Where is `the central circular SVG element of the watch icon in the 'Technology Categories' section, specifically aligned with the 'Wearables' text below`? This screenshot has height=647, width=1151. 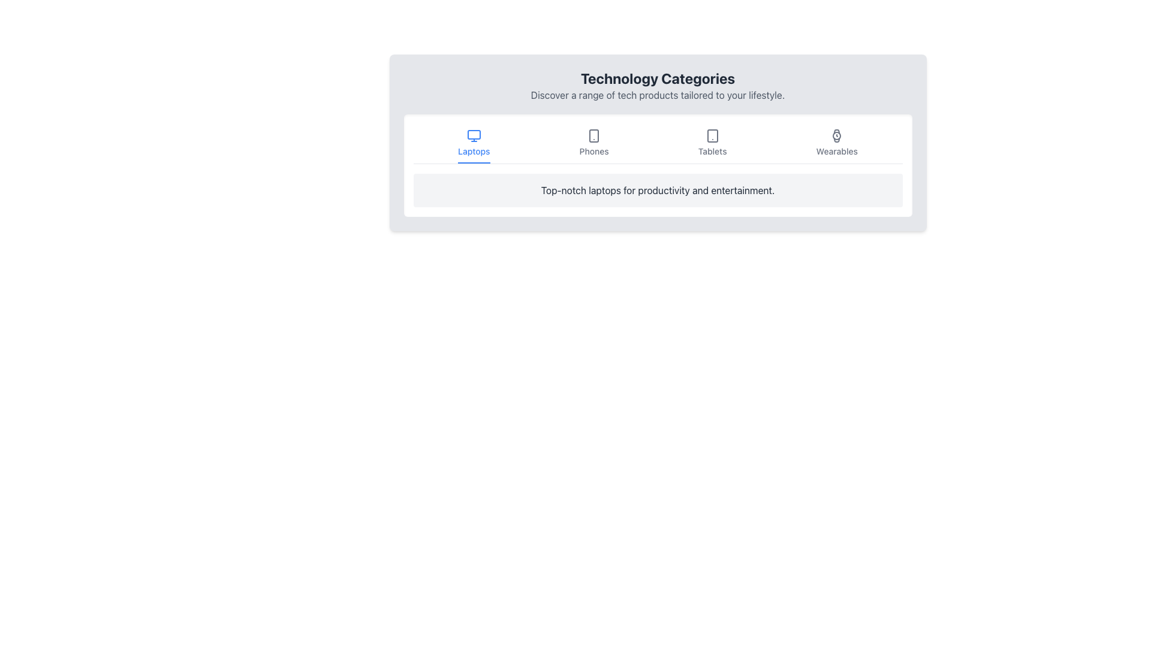 the central circular SVG element of the watch icon in the 'Technology Categories' section, specifically aligned with the 'Wearables' text below is located at coordinates (836, 135).